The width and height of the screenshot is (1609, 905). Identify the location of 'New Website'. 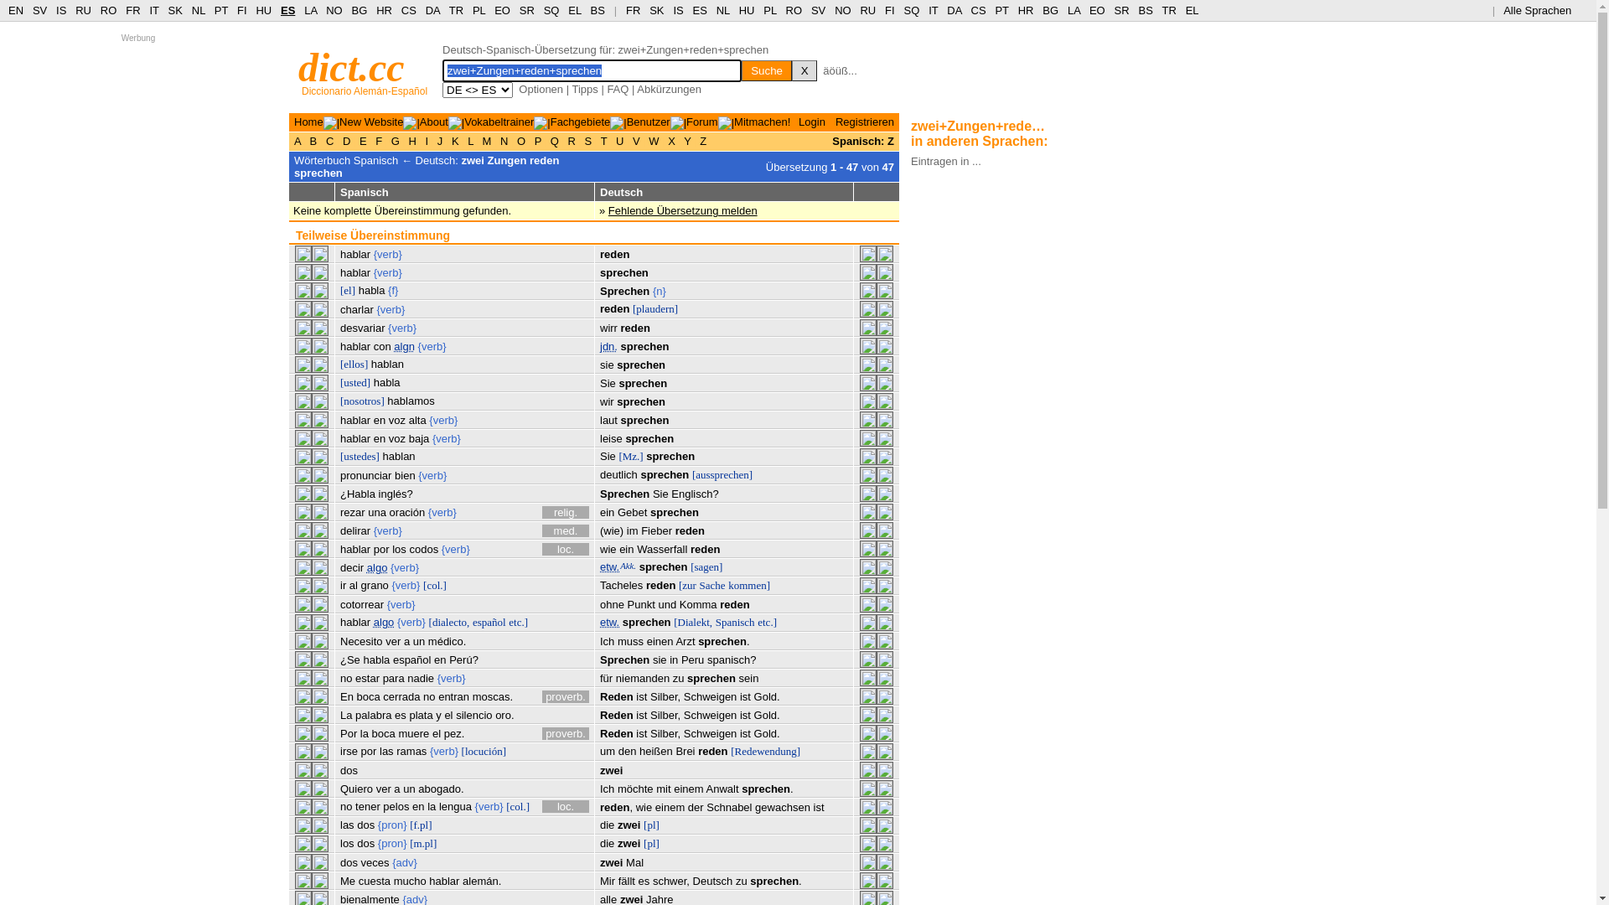
(370, 121).